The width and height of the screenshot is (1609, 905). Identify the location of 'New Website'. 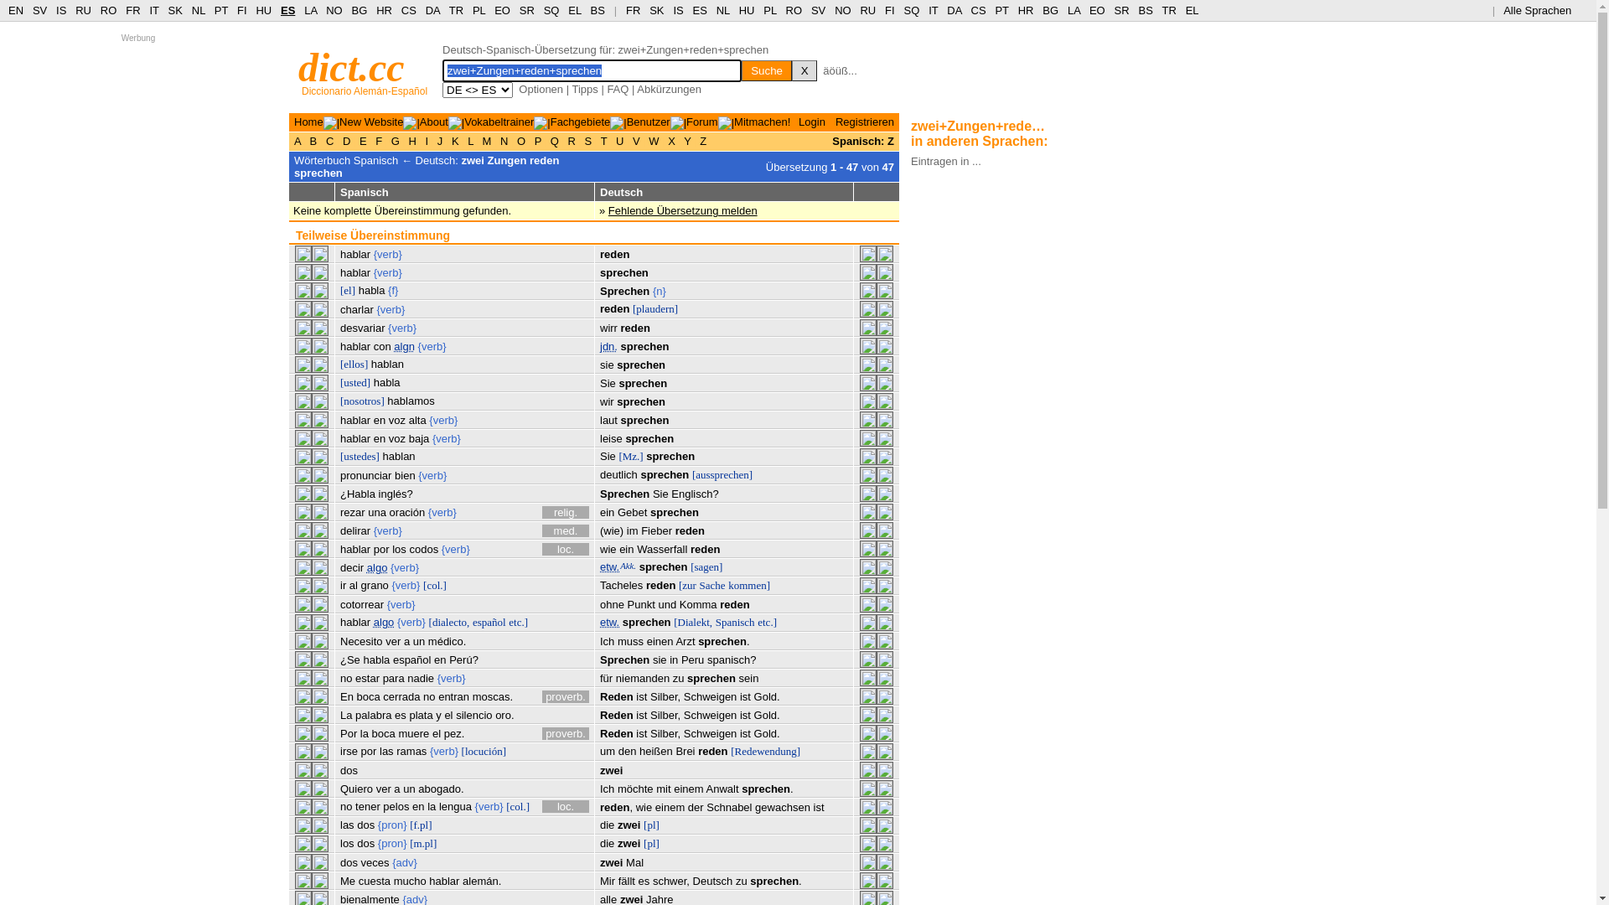
(370, 121).